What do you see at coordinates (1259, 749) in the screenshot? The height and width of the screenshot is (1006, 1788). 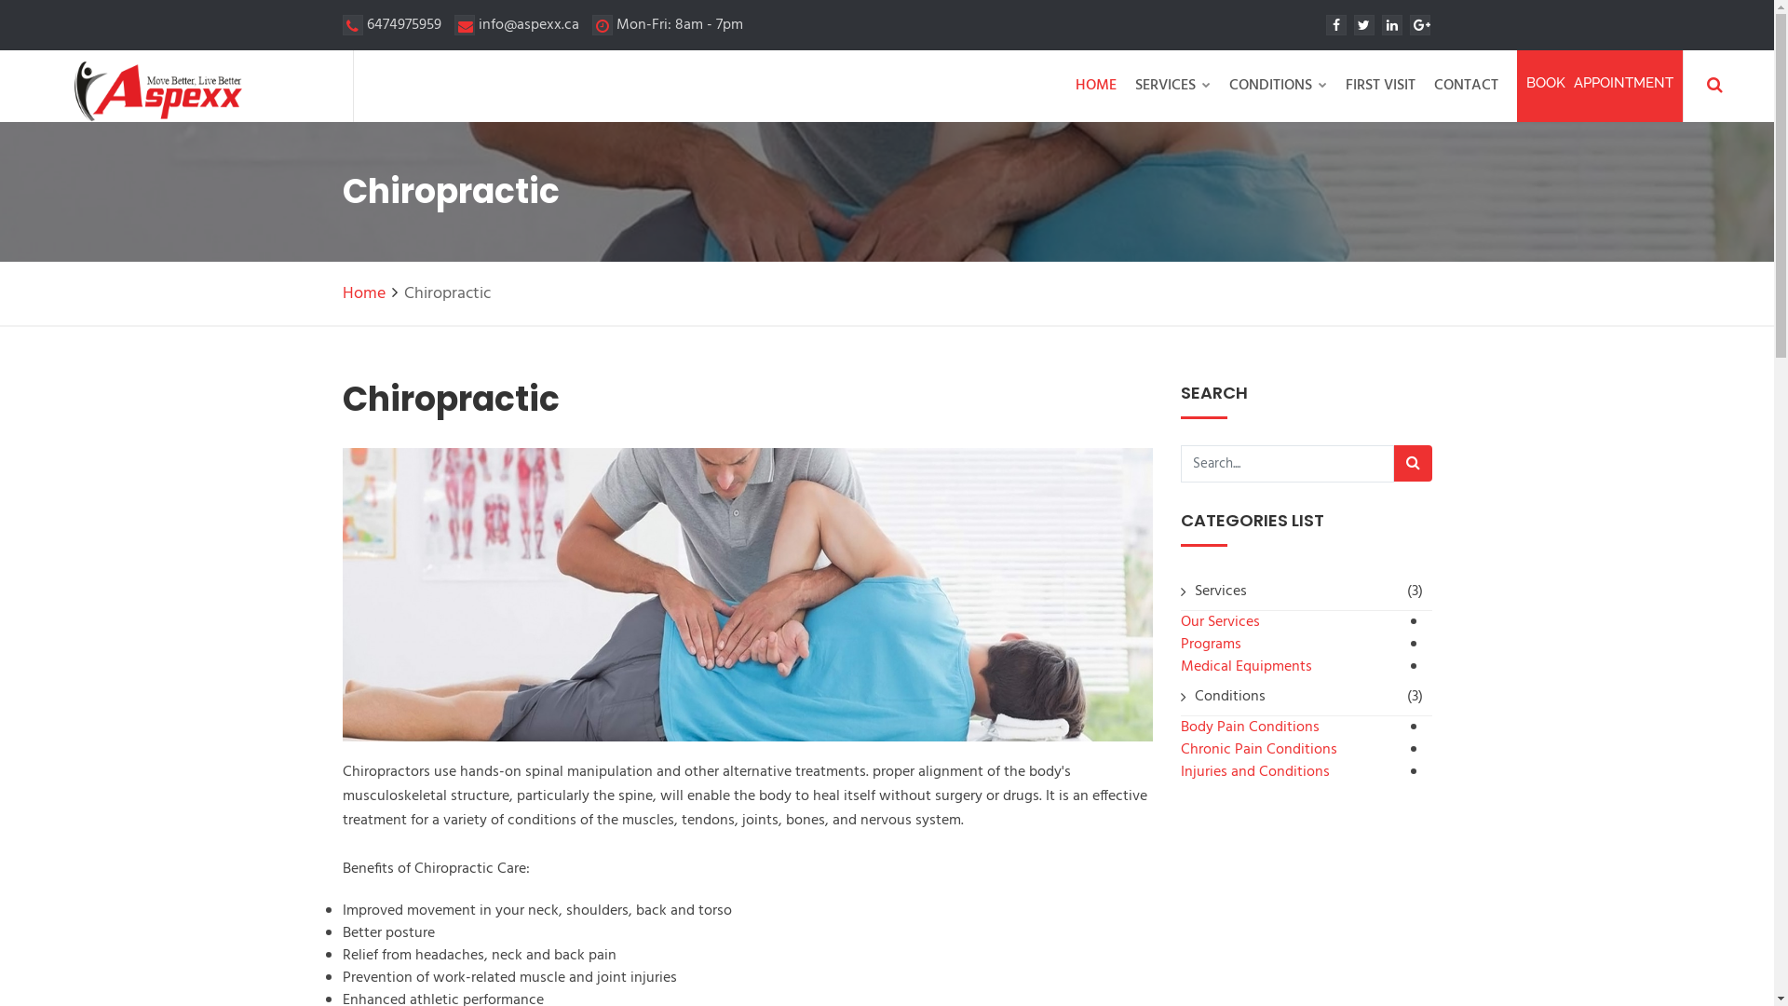 I see `'Chronic Pain Conditions'` at bounding box center [1259, 749].